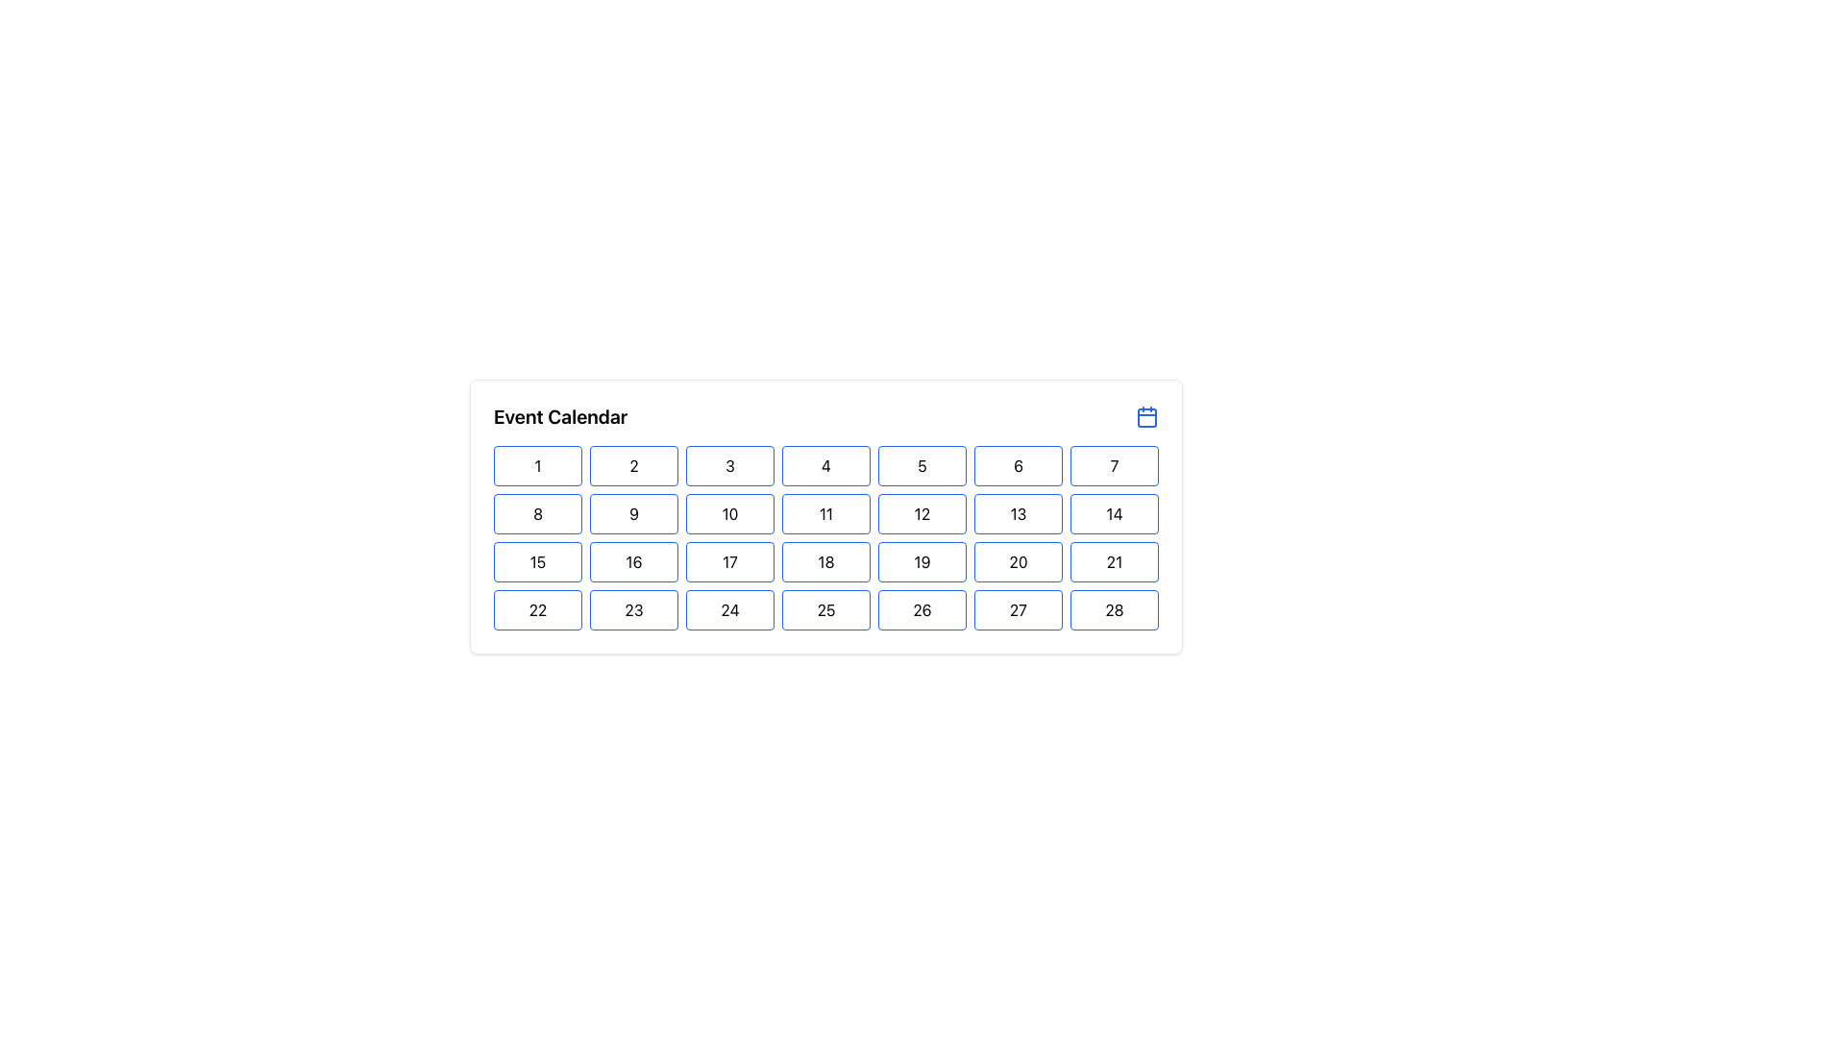 This screenshot has height=1038, width=1845. I want to click on the rectangular button with a white background and blue border that displays the text '18' for accessibility navigation, so click(825, 562).